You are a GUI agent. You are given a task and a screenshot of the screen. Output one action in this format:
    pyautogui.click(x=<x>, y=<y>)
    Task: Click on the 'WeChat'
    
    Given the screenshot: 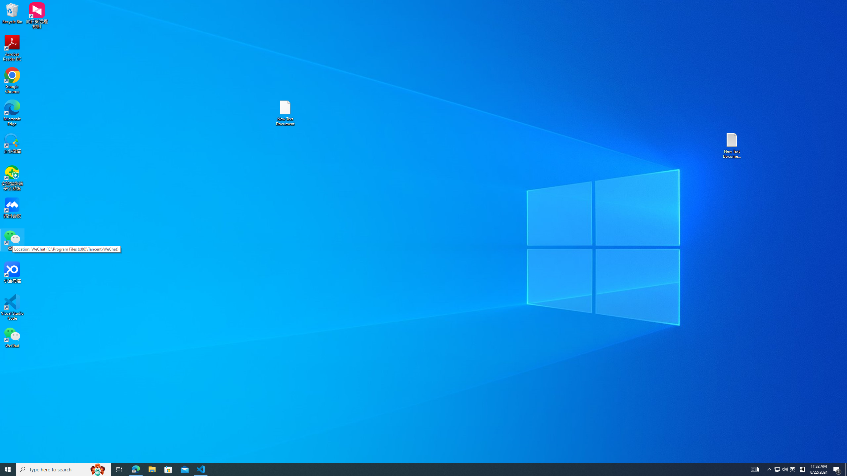 What is the action you would take?
    pyautogui.click(x=12, y=337)
    